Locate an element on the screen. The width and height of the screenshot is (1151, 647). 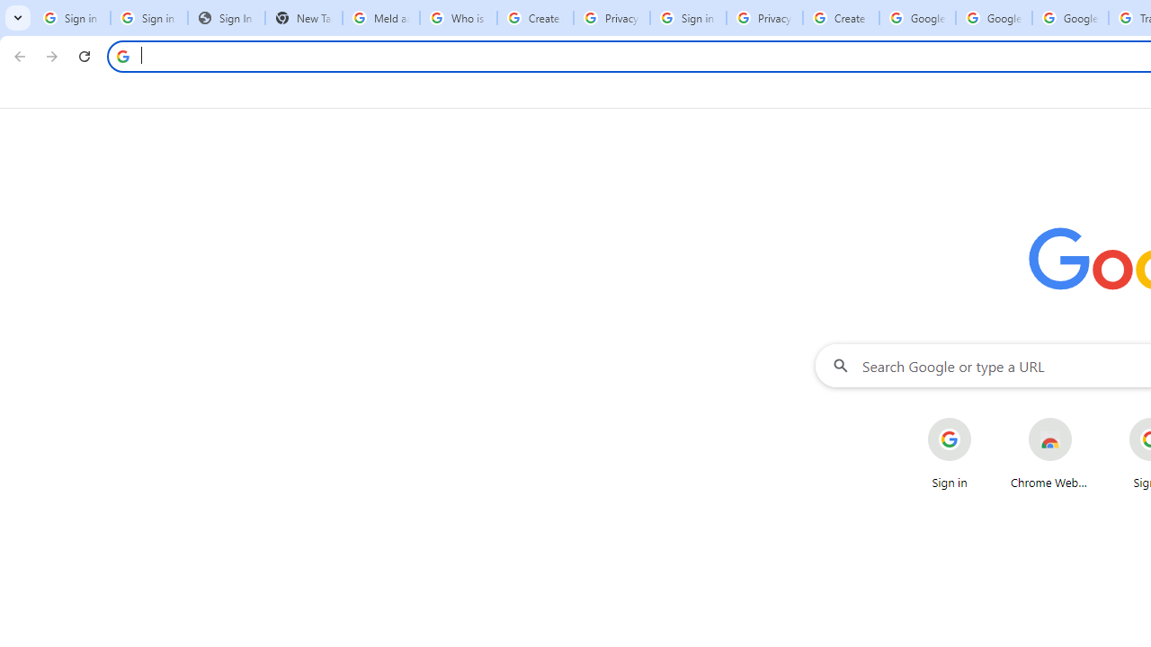
'More actions for Chrome Web Store shortcut' is located at coordinates (1085, 419).